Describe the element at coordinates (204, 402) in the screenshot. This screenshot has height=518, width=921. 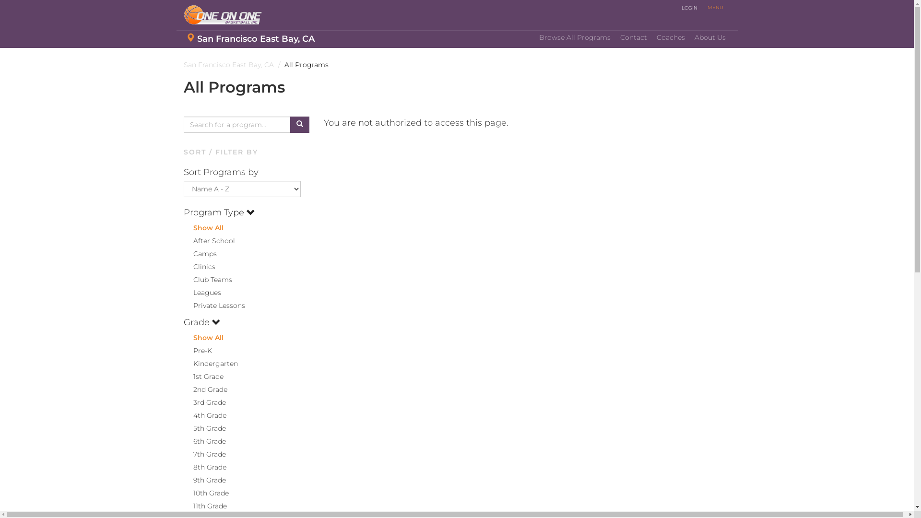
I see `'3rd Grade'` at that location.